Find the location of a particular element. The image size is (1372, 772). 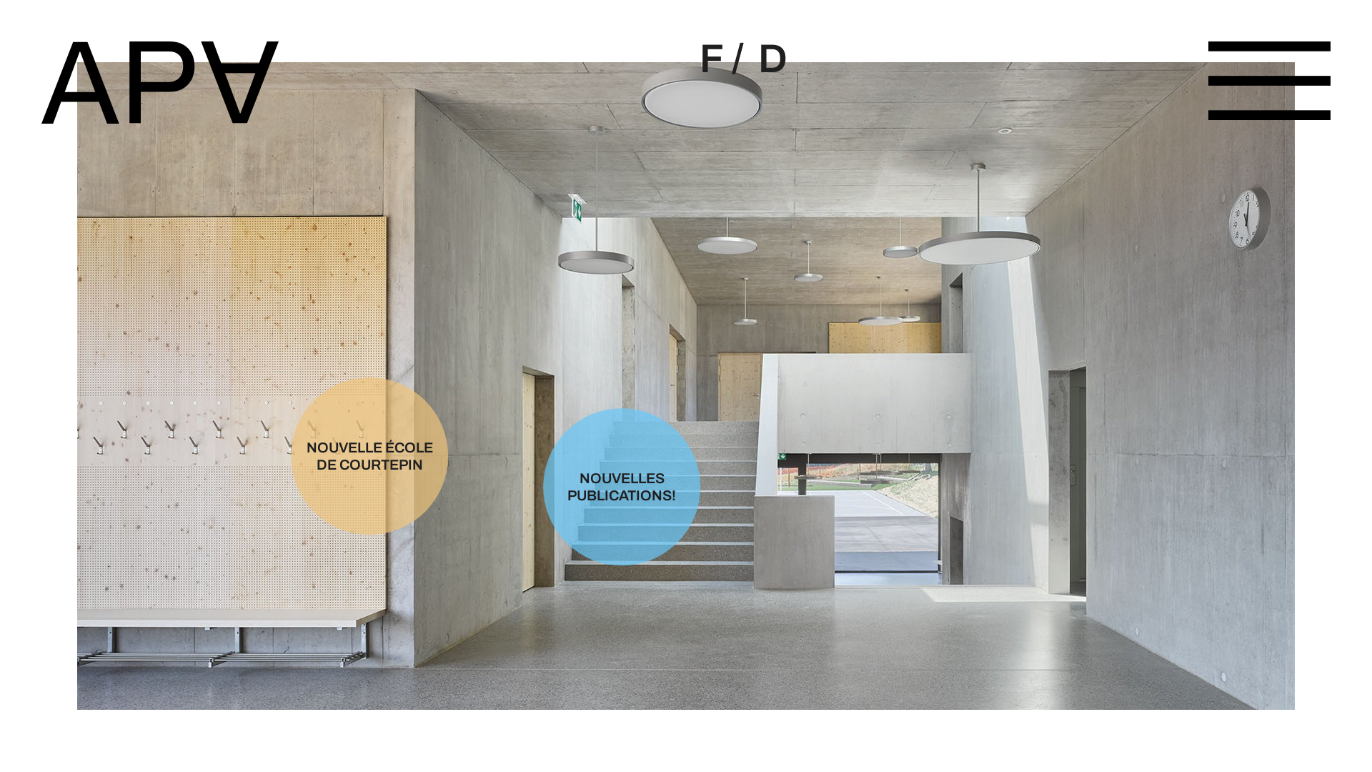

'NOUVELLES PUBLICATIONS!' is located at coordinates (594, 490).